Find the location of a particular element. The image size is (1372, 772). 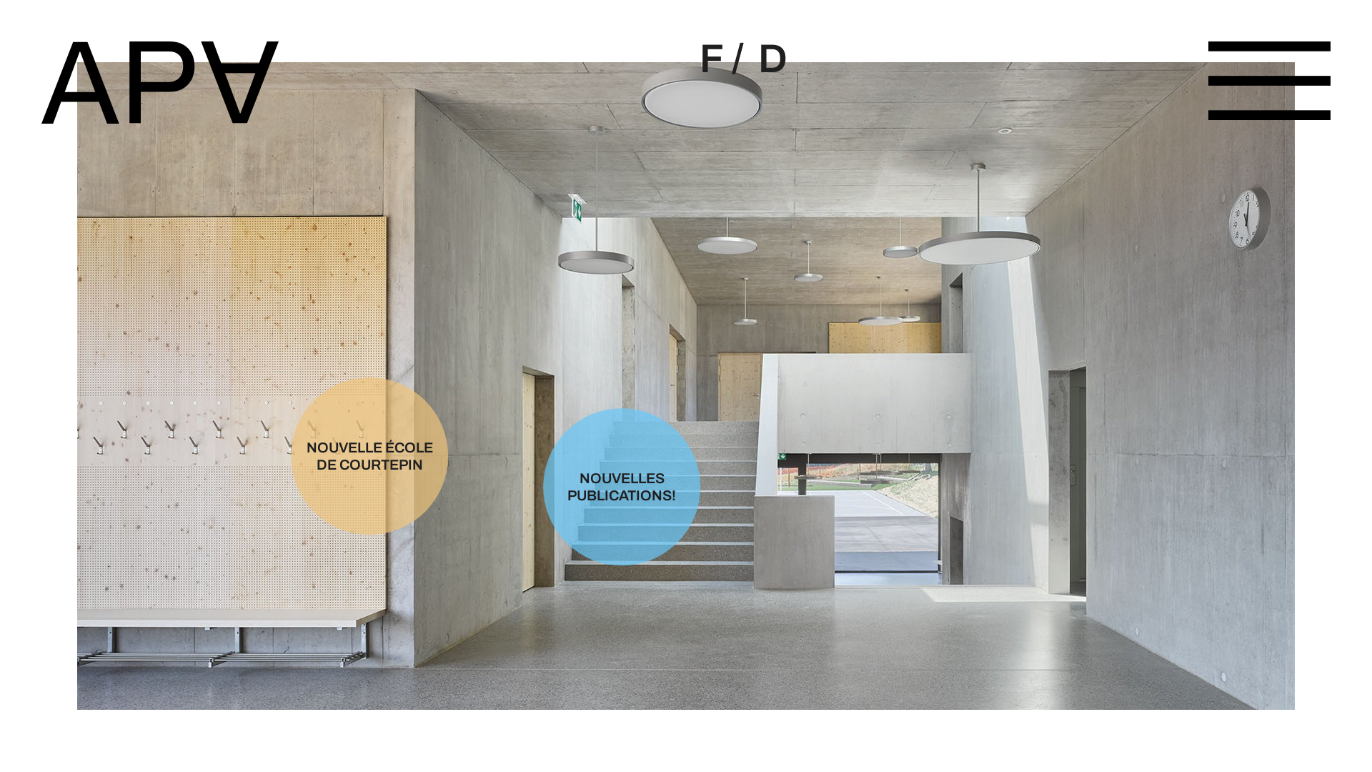

'NOUVELLES PUBLICATIONS!' is located at coordinates (594, 490).